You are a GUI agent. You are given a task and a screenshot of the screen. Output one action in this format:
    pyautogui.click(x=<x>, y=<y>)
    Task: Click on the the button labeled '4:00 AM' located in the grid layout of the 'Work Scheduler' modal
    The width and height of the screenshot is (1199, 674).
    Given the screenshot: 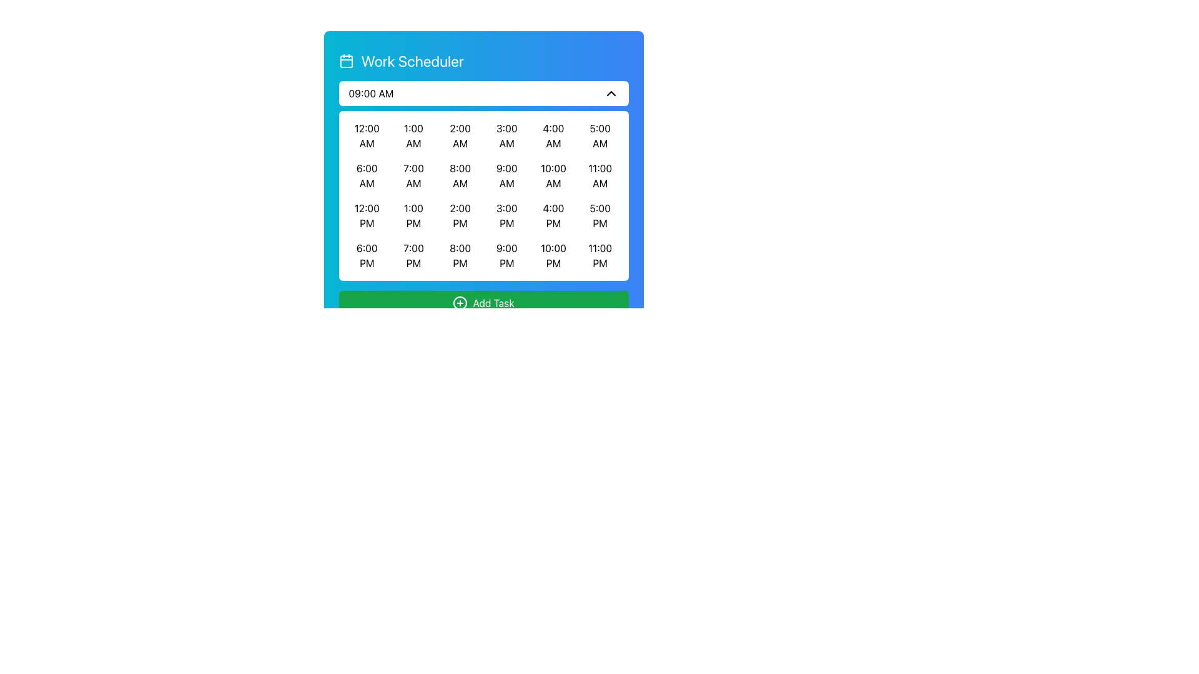 What is the action you would take?
    pyautogui.click(x=553, y=136)
    